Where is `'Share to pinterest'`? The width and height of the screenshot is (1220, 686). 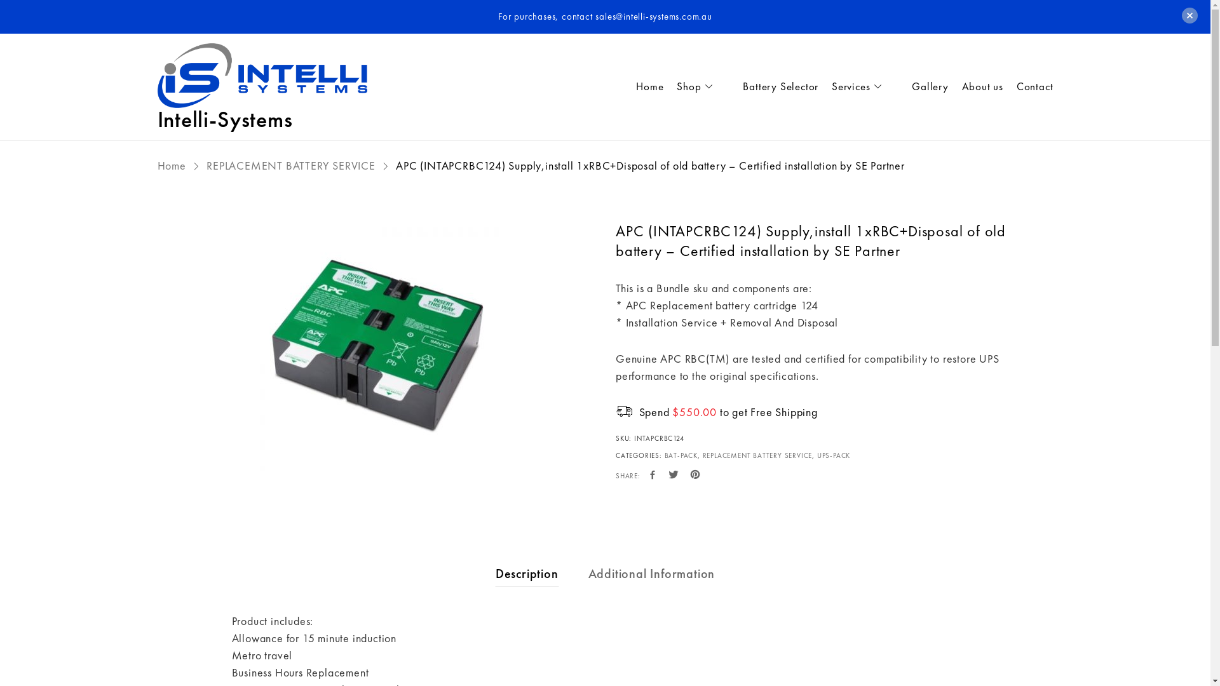 'Share to pinterest' is located at coordinates (688, 475).